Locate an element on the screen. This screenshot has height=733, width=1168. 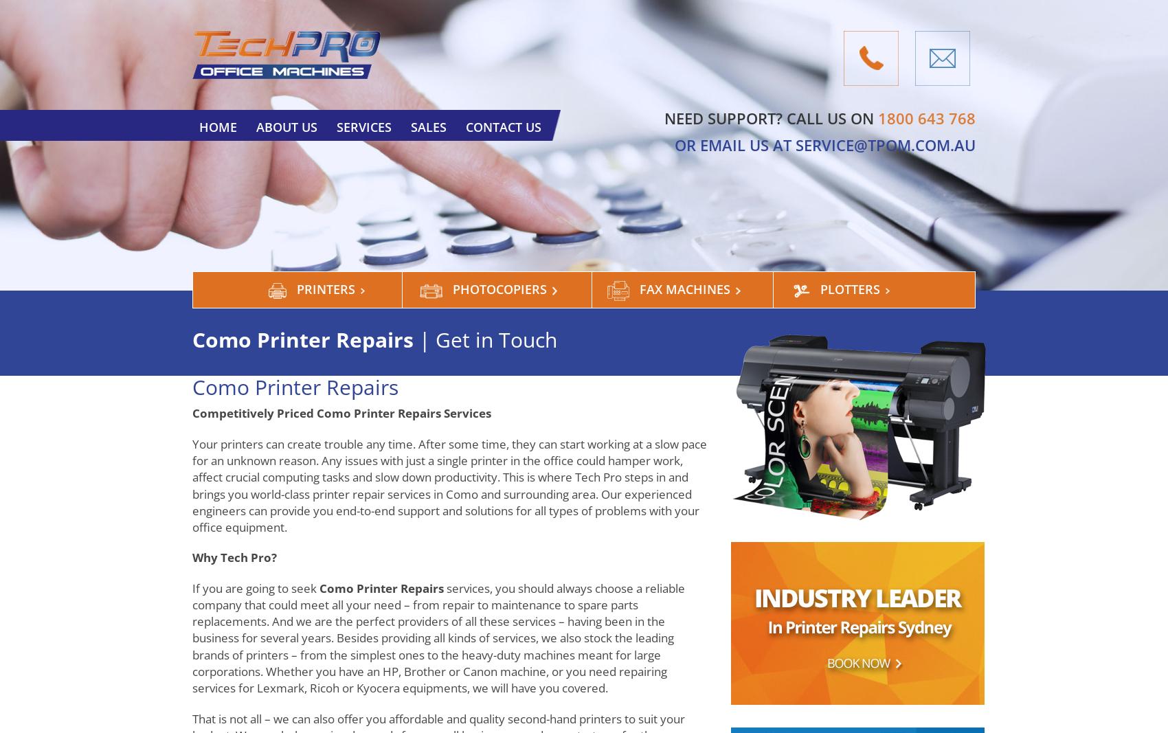
'| Get in Touch' is located at coordinates (418, 339).